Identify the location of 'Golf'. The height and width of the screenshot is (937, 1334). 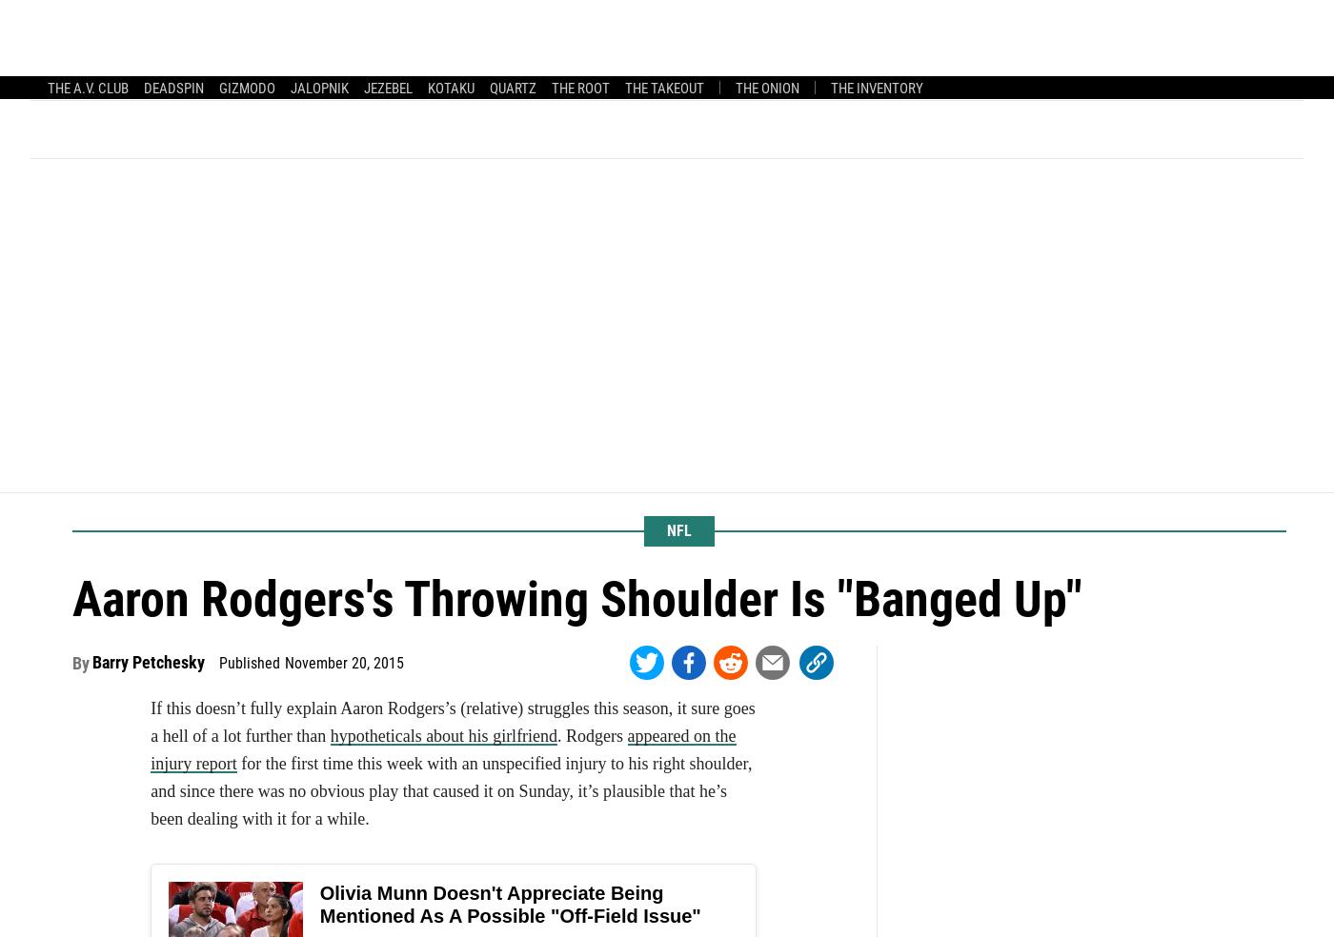
(865, 31).